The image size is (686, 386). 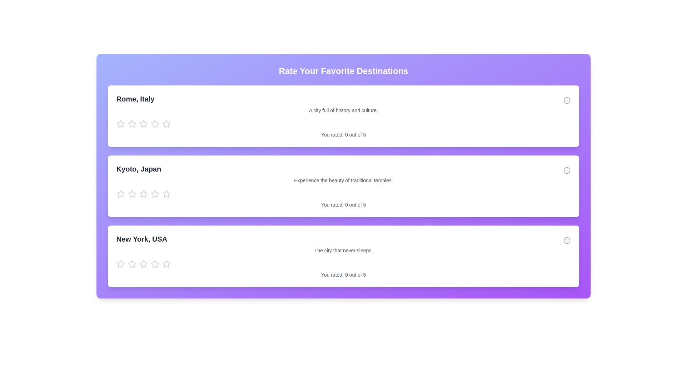 I want to click on the fifth star in the star rating component located in the 'New York, USA' section to set a rating of five out of five, so click(x=166, y=264).